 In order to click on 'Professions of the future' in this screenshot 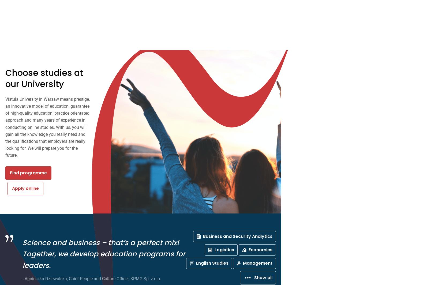, I will do `click(39, 71)`.